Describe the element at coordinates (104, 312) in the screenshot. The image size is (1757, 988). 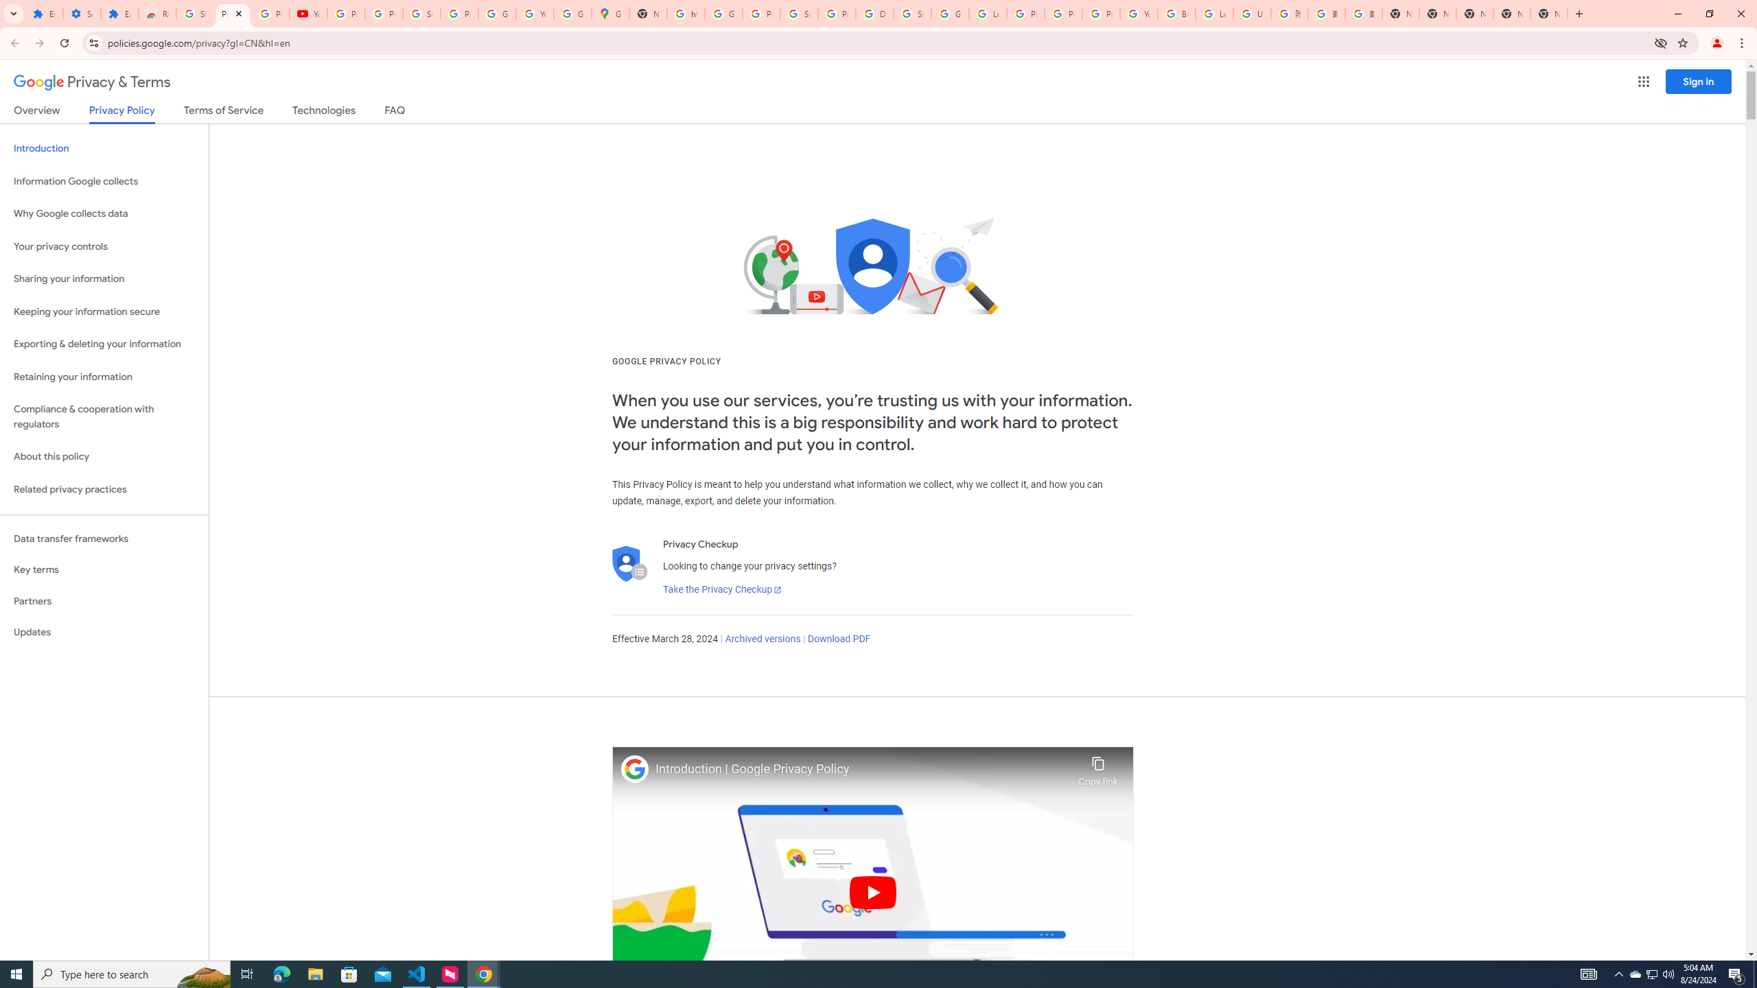
I see `'Keeping your information secure'` at that location.